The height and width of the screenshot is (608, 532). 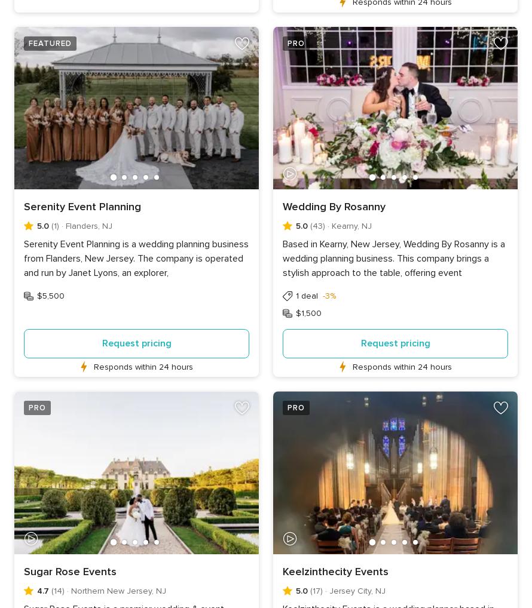 I want to click on 'Serenity Event Planning is a wedding planning business from Flanders, New Jersey. The company is operated and run by Janet Lyons, an explorer,', so click(x=23, y=257).